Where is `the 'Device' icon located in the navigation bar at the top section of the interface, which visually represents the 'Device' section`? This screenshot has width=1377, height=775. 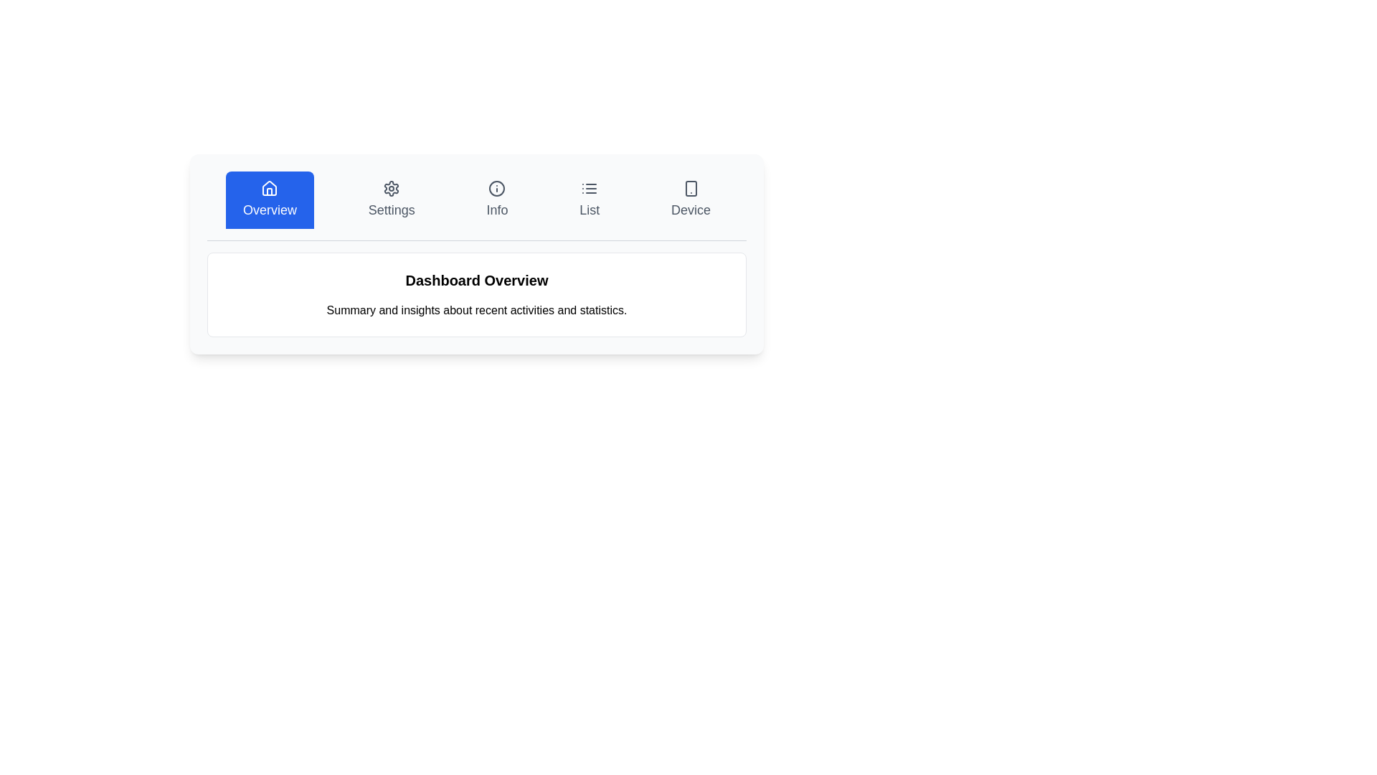
the 'Device' icon located in the navigation bar at the top section of the interface, which visually represents the 'Device' section is located at coordinates (691, 187).